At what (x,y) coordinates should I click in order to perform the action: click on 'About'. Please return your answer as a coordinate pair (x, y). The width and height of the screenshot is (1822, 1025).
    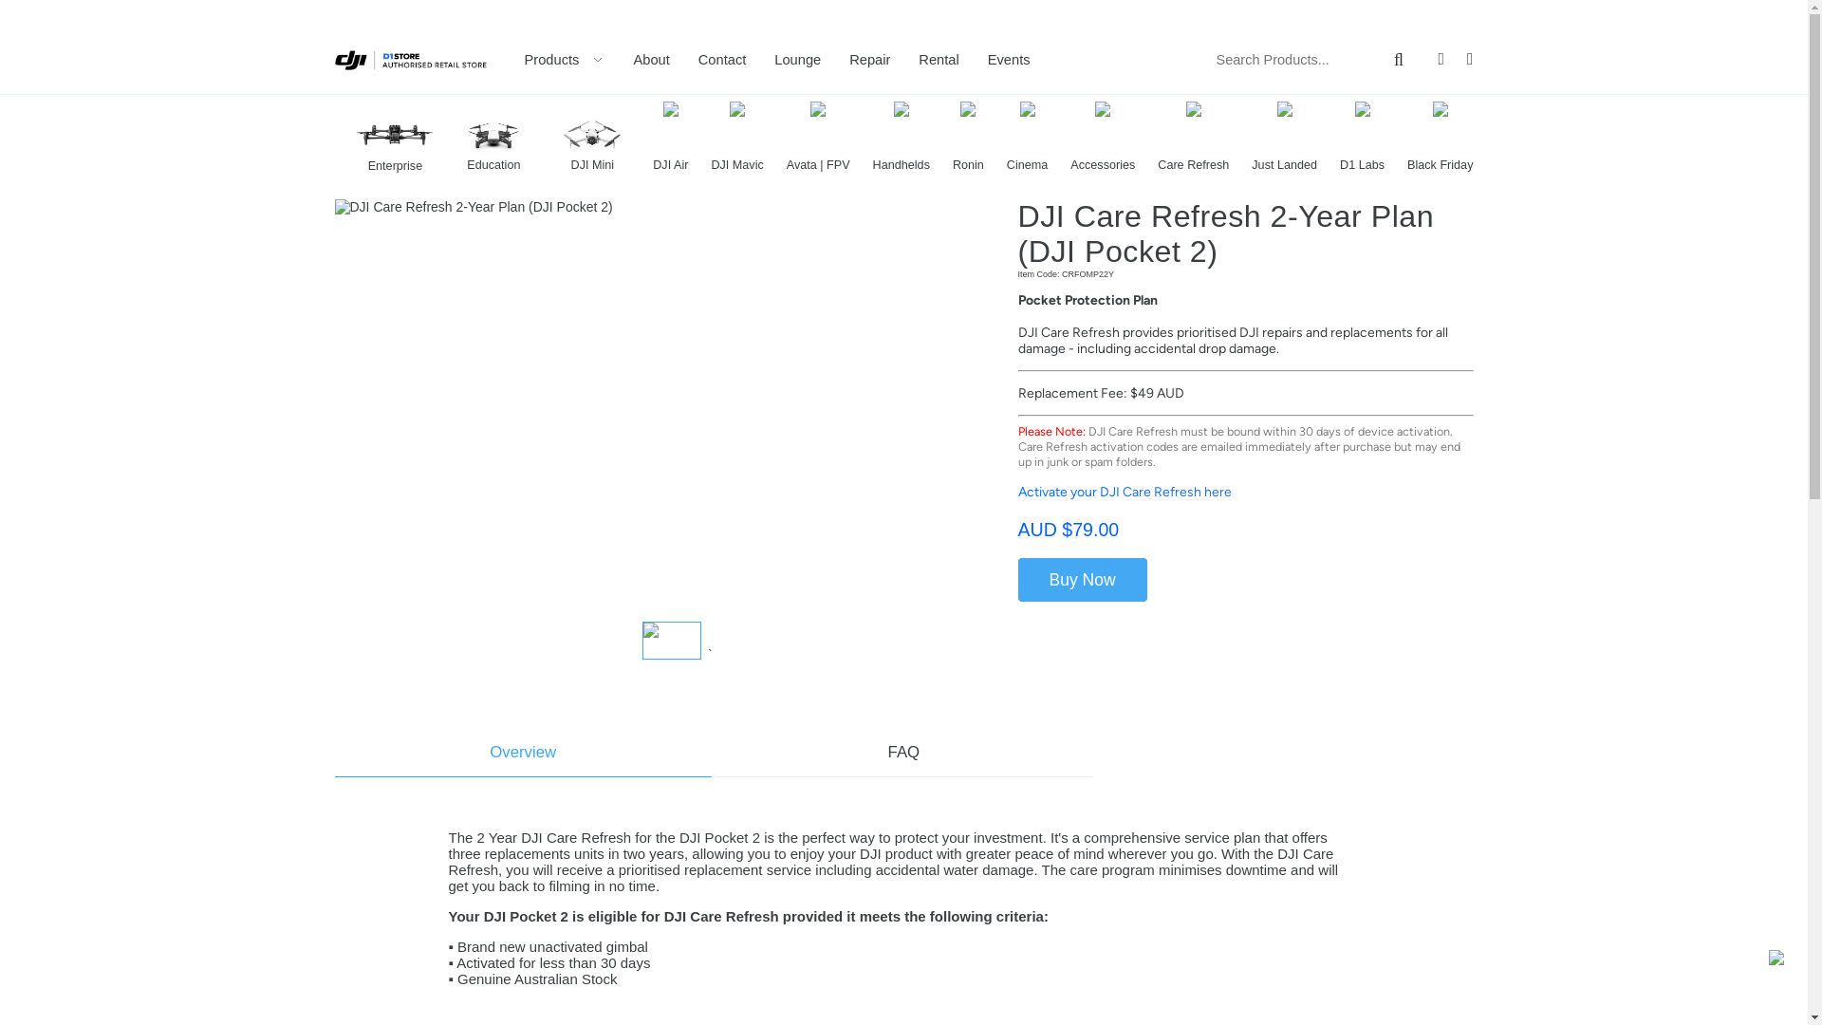
    Looking at the image, I should click on (651, 58).